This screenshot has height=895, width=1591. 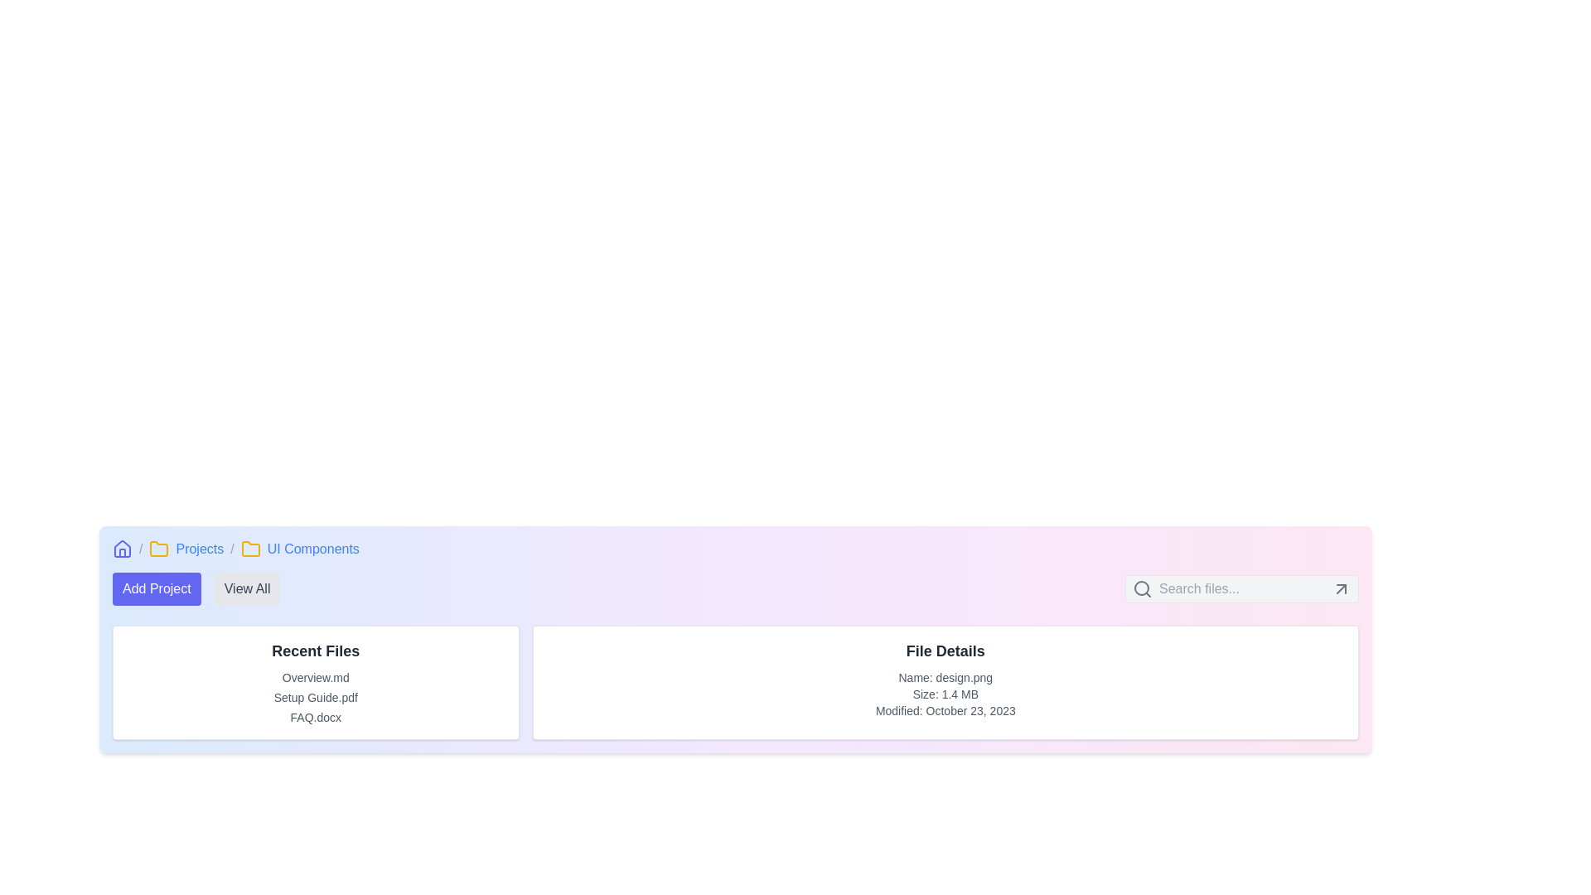 I want to click on the 'View All' button, which has a gray background with rounded corners and dark text, to change its appearance, so click(x=246, y=588).